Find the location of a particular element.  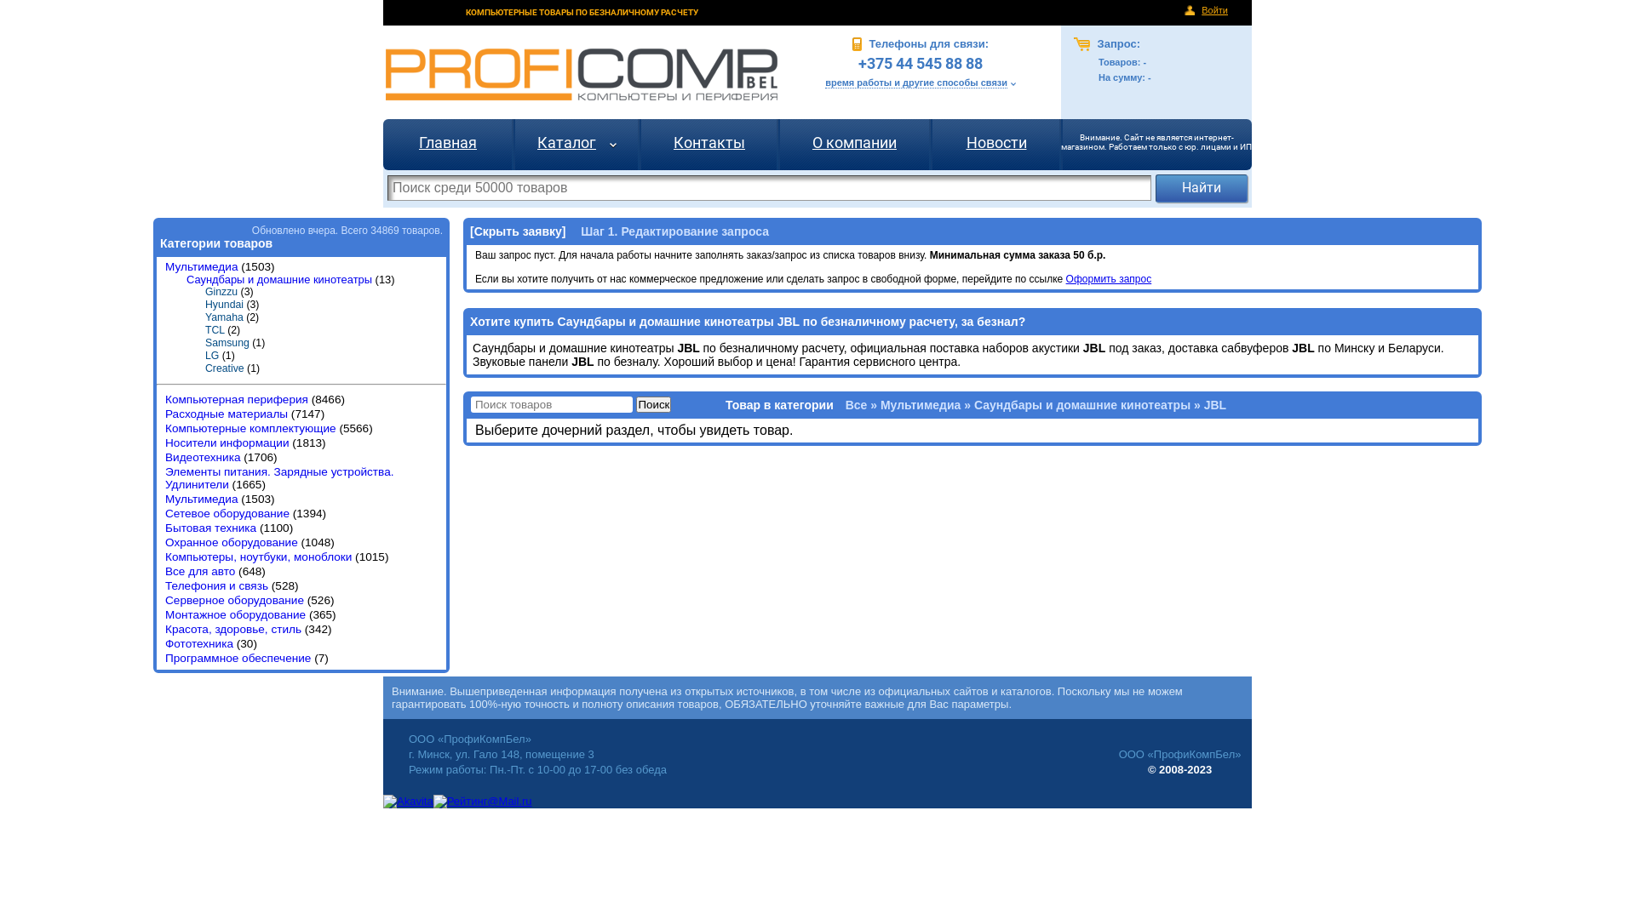

'Samsung' is located at coordinates (227, 342).